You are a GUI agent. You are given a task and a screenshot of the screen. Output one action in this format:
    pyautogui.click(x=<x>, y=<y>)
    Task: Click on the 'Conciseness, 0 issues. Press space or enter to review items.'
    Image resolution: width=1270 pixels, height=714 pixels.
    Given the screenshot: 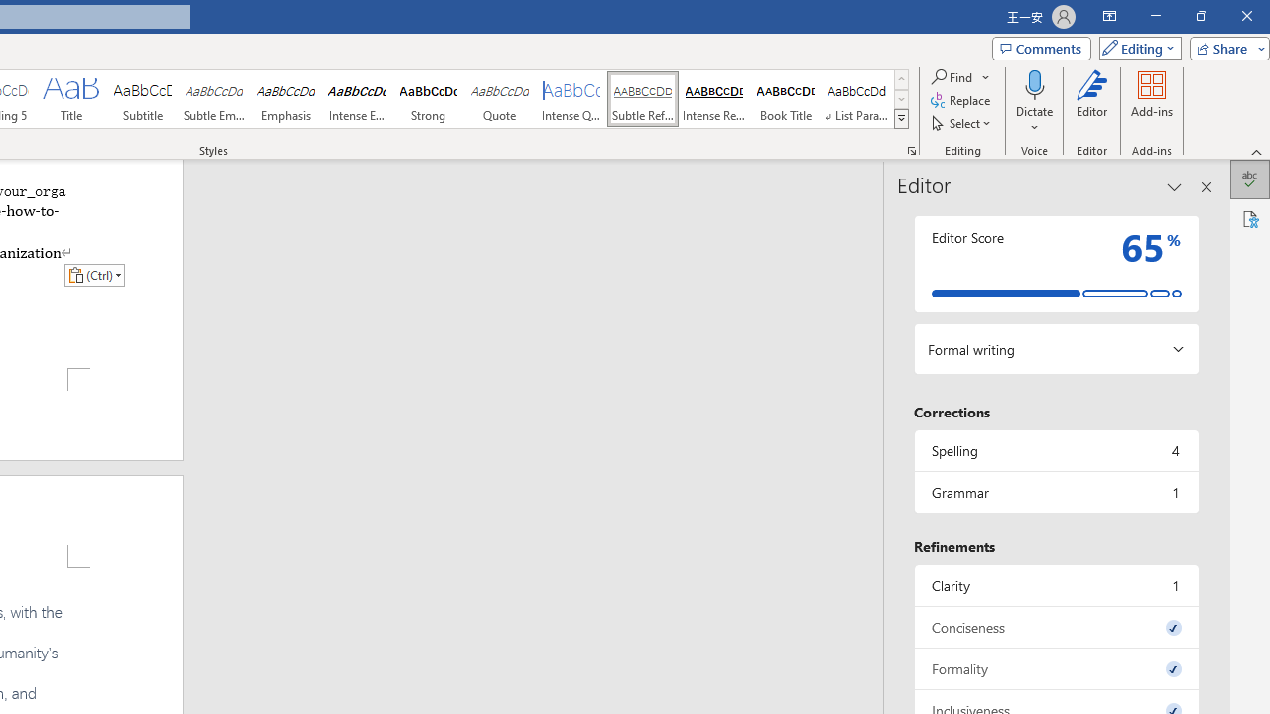 What is the action you would take?
    pyautogui.click(x=1055, y=627)
    